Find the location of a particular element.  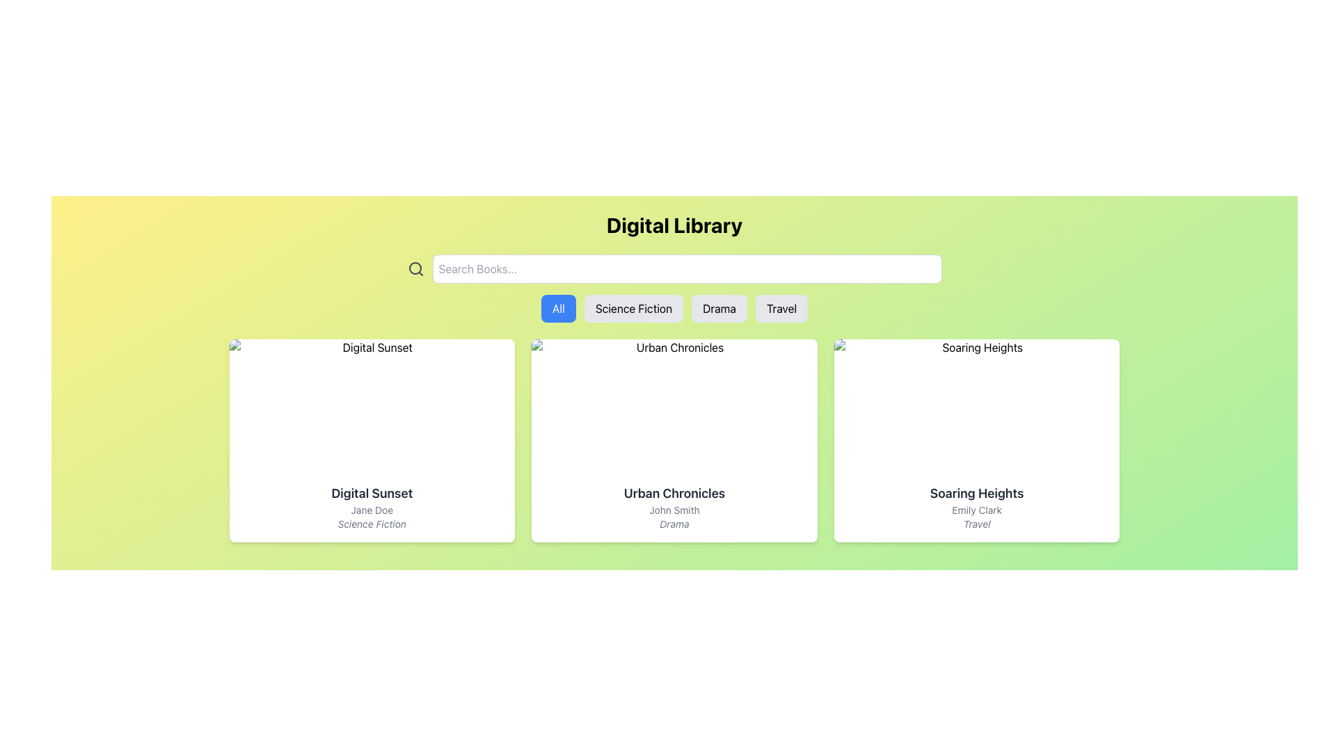

the text block containing 'Urban Chronicles', 'John Smith', and 'Drama' is located at coordinates (674, 507).